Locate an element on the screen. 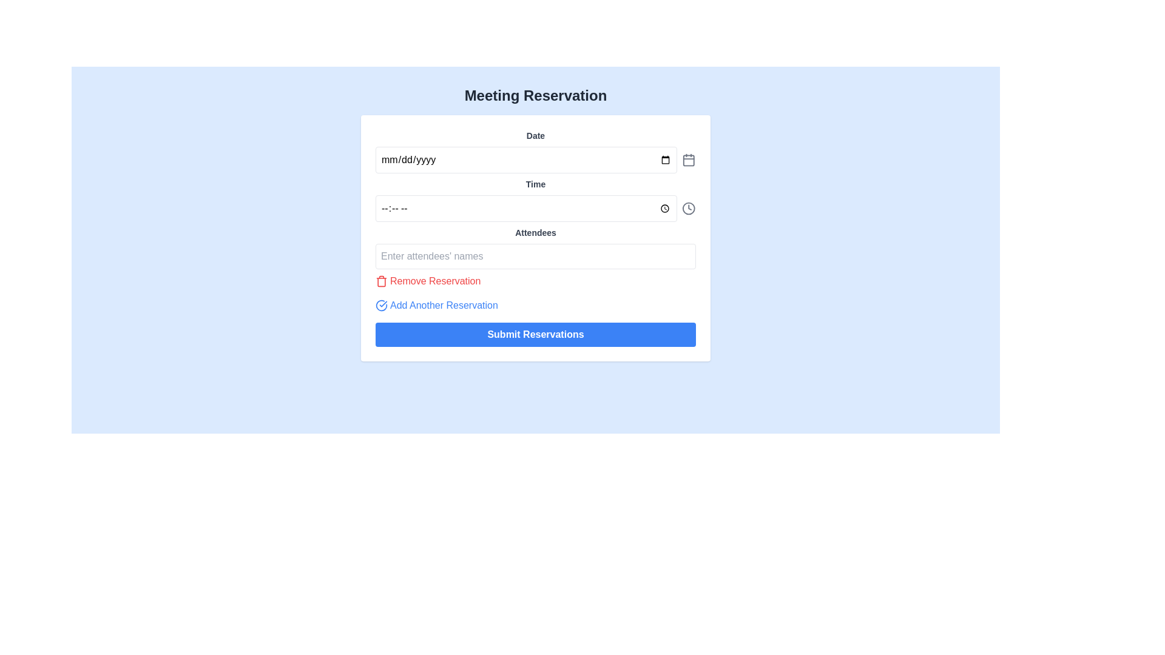  the blue rectangular button with rounded corners and white text that reads 'Submit Reservations' is located at coordinates (535, 334).